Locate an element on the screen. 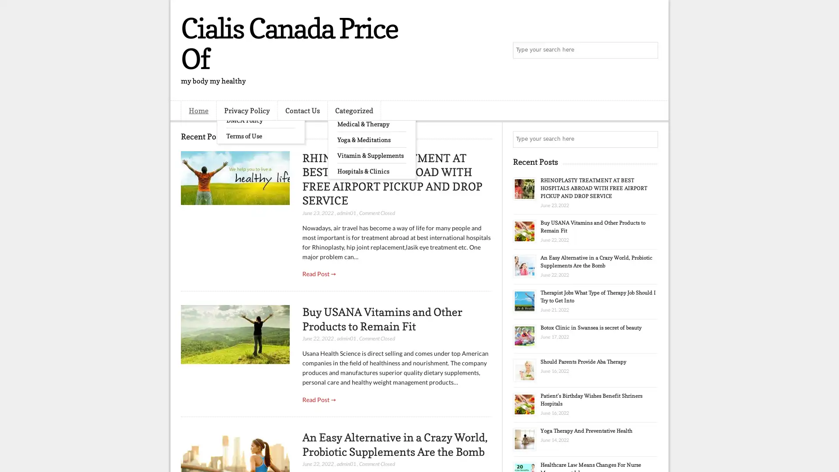 The height and width of the screenshot is (472, 839). Search is located at coordinates (649, 139).